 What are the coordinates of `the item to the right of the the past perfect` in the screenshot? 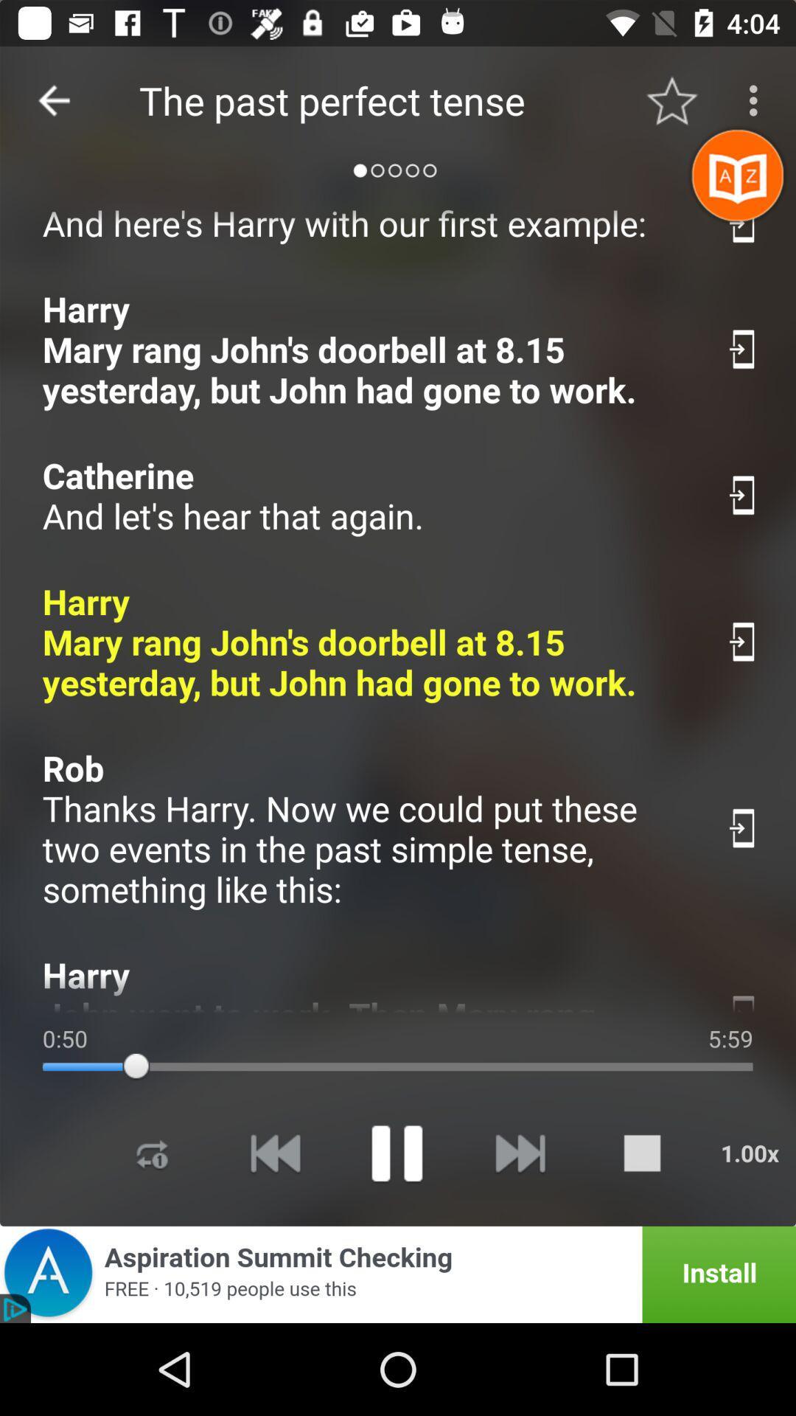 It's located at (671, 100).